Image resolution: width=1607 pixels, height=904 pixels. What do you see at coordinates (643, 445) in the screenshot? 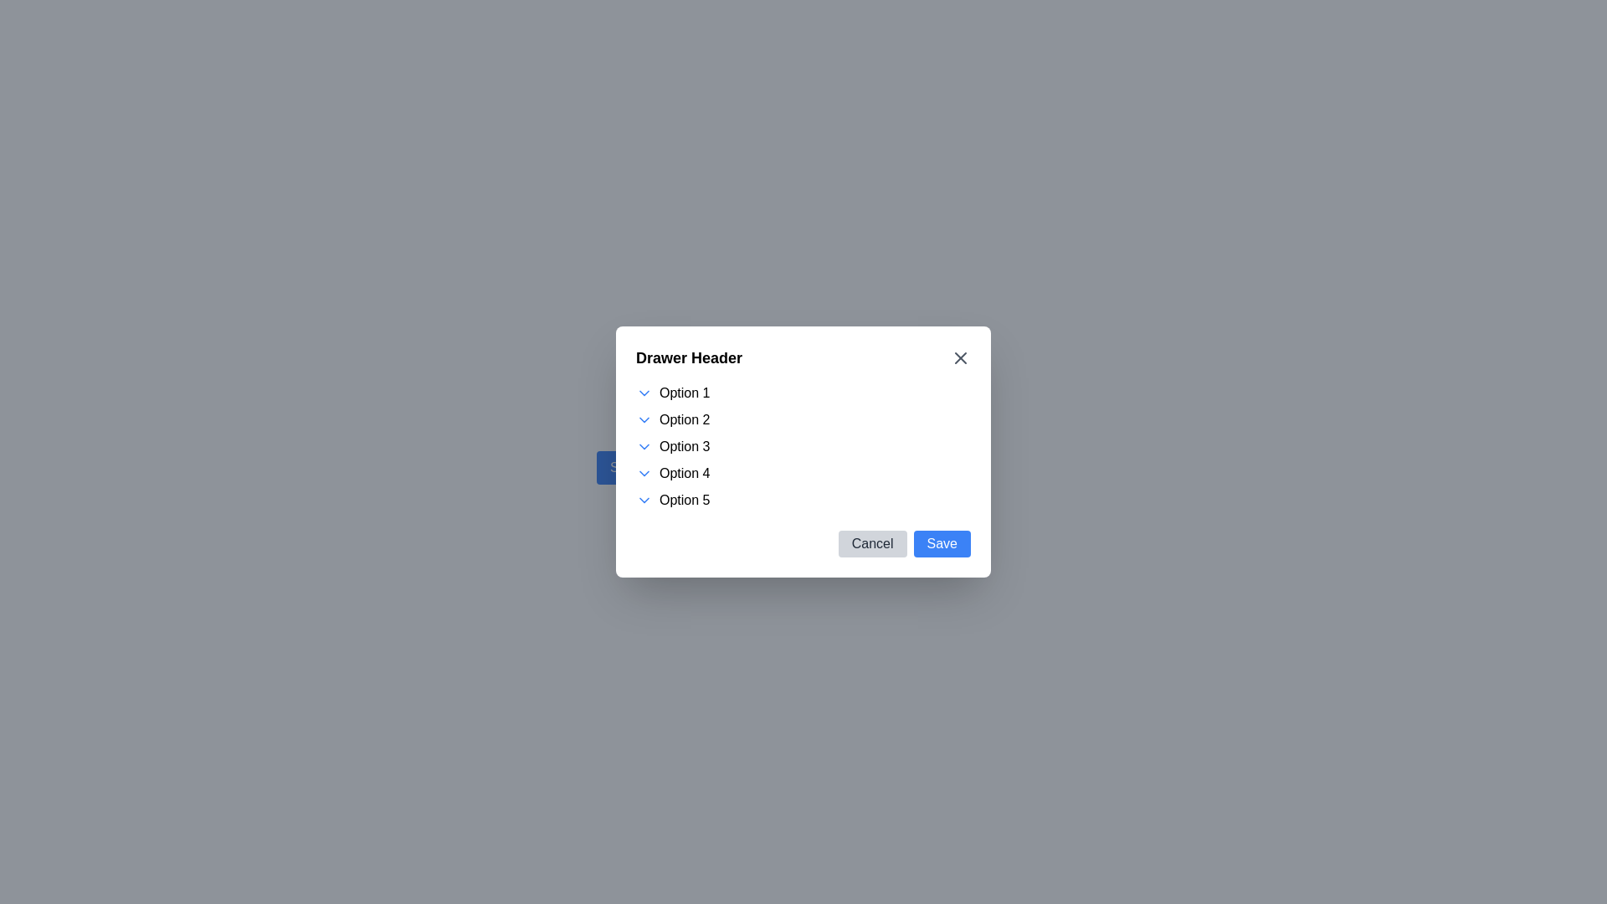
I see `the chevron icon located to the left of the 'Option 3' label` at bounding box center [643, 445].